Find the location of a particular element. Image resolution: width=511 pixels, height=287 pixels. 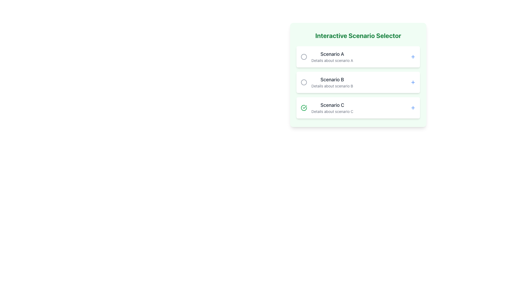

the label representing 'Scenario B' in the interactive selector interface, located within the second card of a vertically-stacked group of cards is located at coordinates (332, 80).